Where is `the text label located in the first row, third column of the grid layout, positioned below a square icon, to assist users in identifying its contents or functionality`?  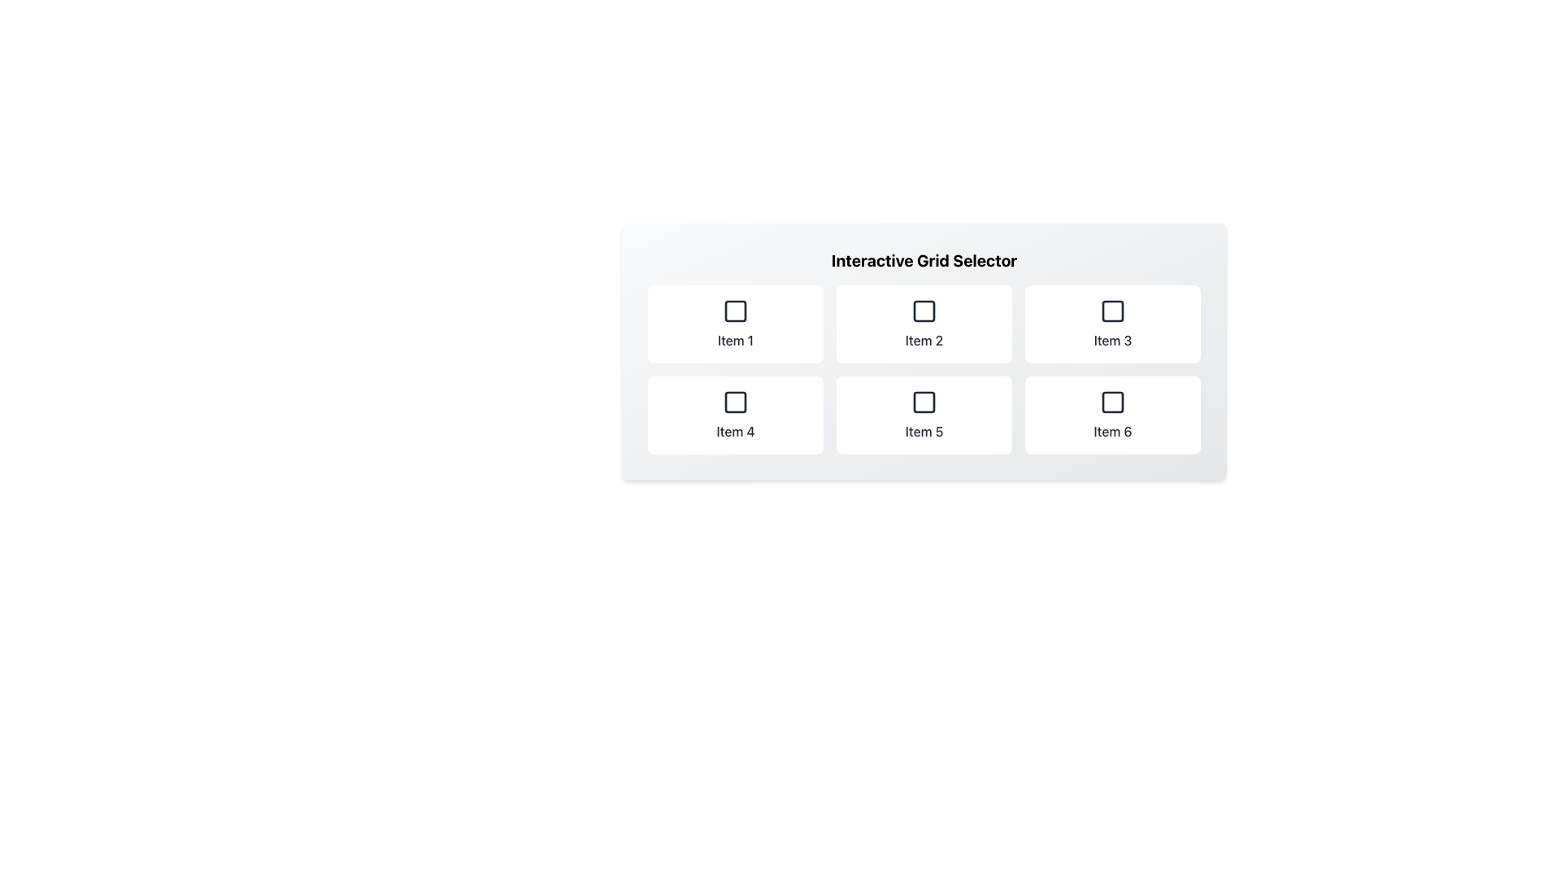 the text label located in the first row, third column of the grid layout, positioned below a square icon, to assist users in identifying its contents or functionality is located at coordinates (1111, 340).